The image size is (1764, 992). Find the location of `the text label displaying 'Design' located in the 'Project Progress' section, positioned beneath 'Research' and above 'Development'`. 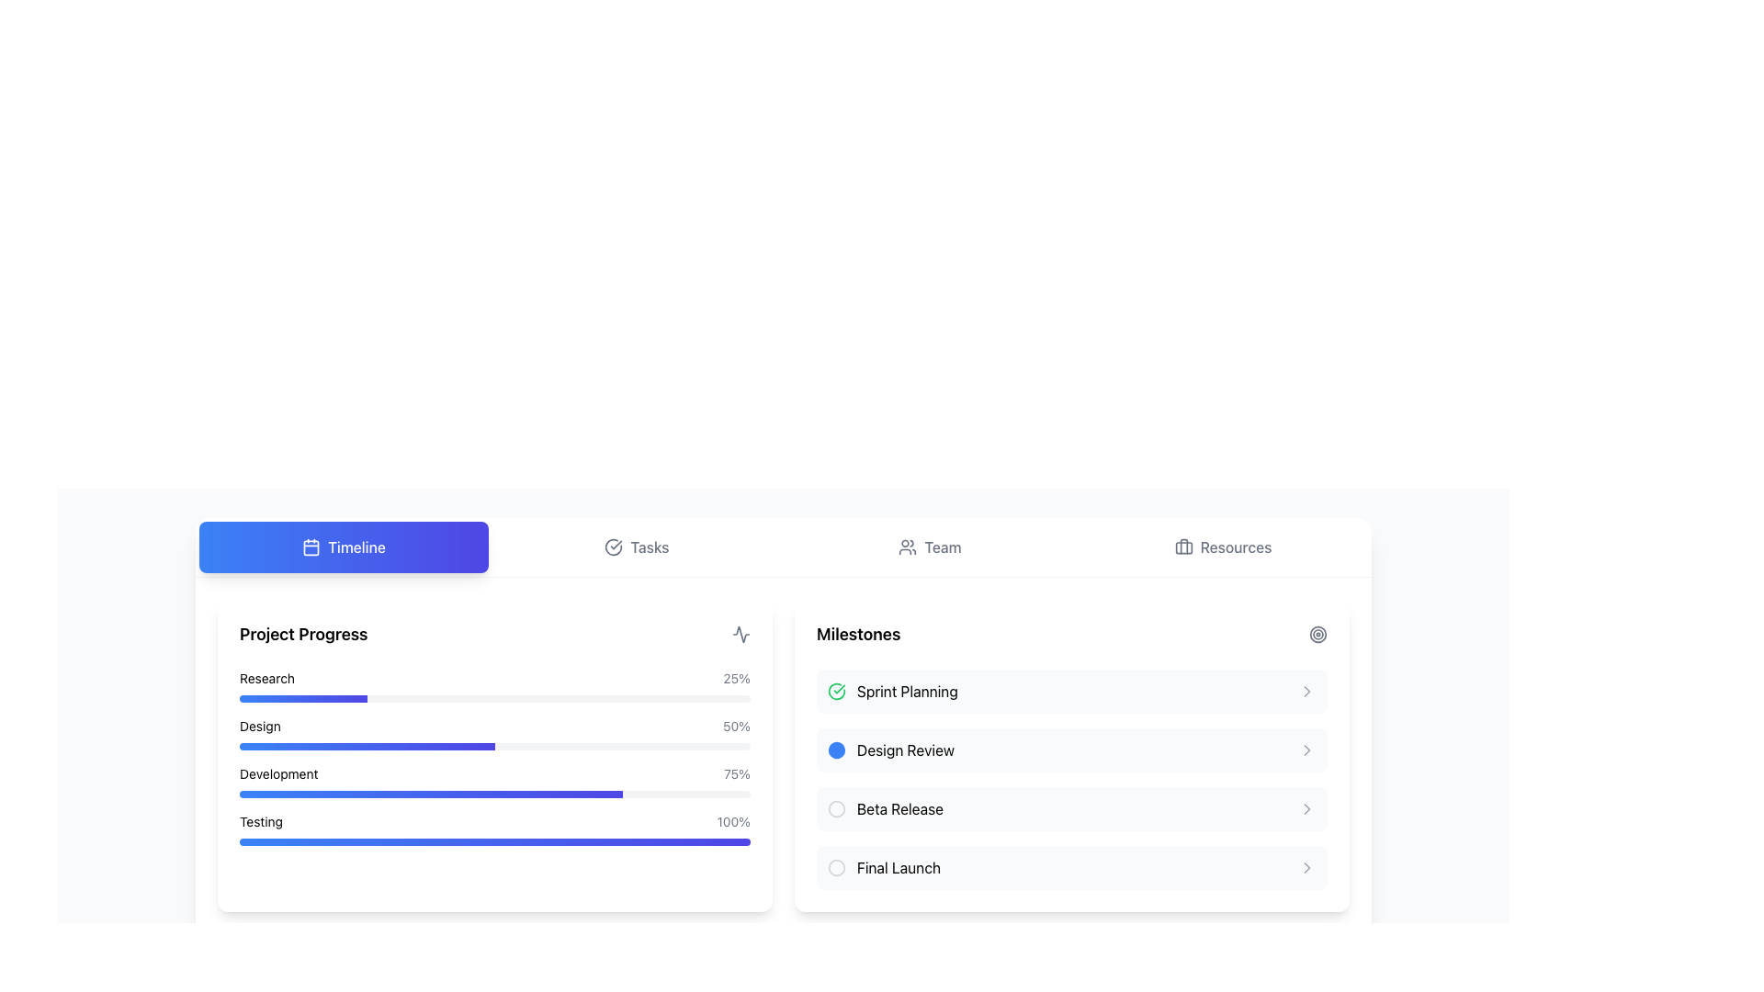

the text label displaying 'Design' located in the 'Project Progress' section, positioned beneath 'Research' and above 'Development' is located at coordinates (259, 725).